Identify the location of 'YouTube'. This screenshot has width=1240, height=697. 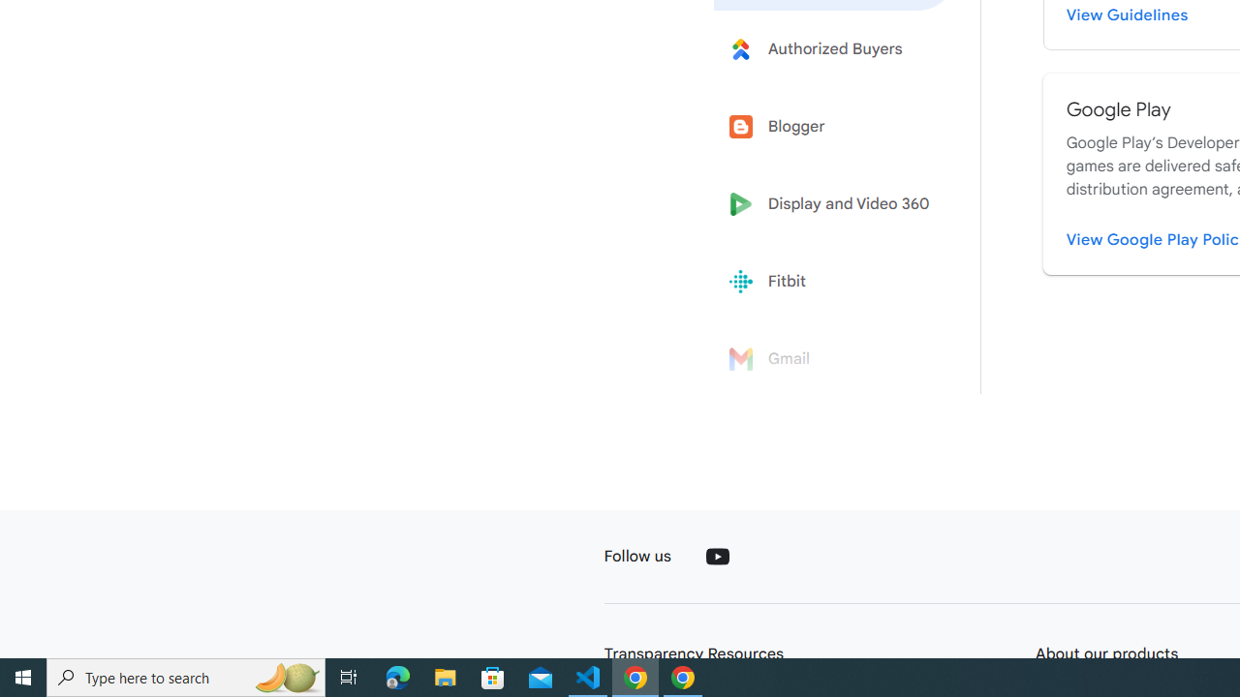
(716, 556).